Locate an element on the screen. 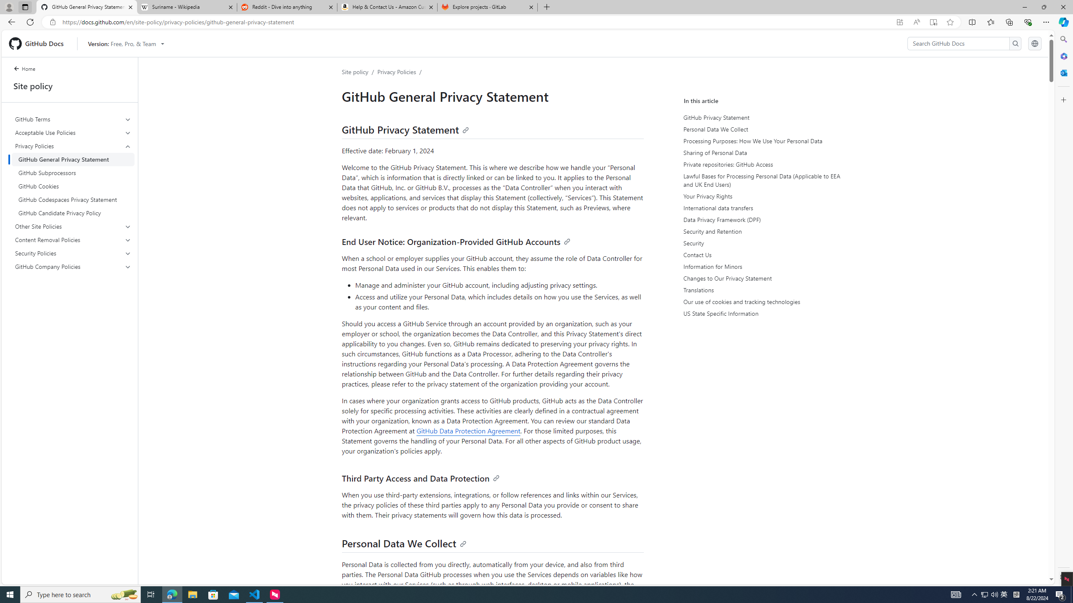 The image size is (1073, 603). 'Site policy/' is located at coordinates (359, 72).